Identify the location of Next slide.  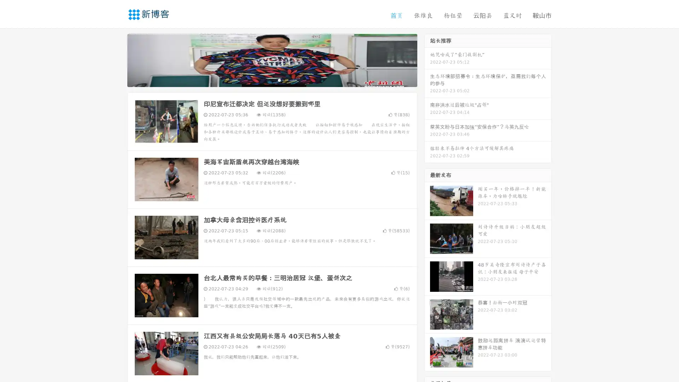
(427, 59).